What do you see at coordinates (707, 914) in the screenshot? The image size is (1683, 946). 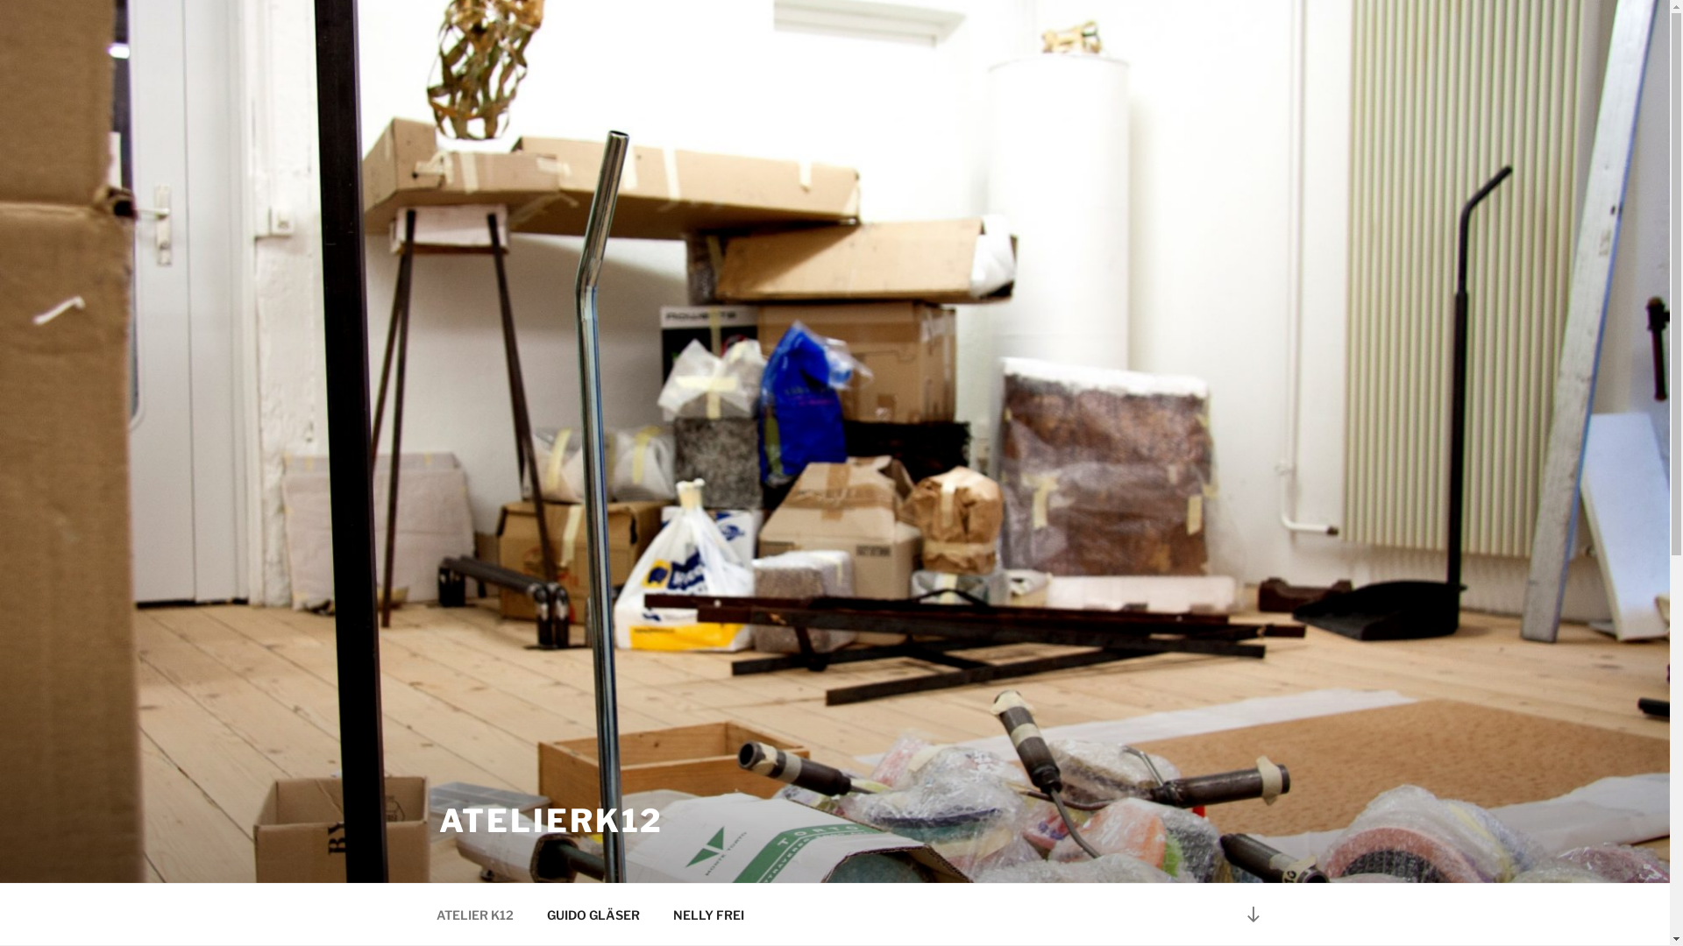 I see `'NELLY FREI'` at bounding box center [707, 914].